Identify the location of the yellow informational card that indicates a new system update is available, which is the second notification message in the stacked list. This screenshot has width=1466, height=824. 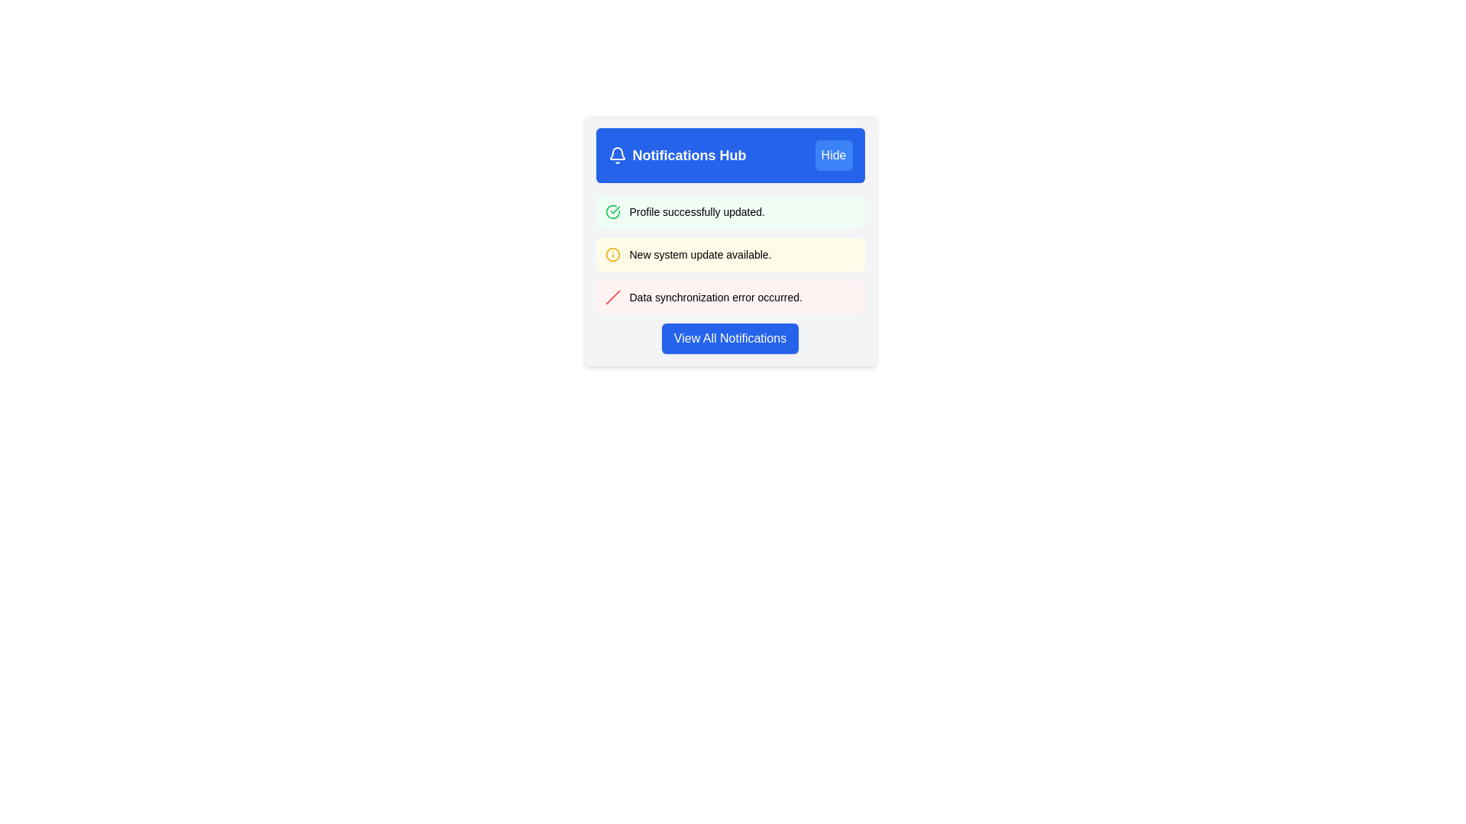
(729, 240).